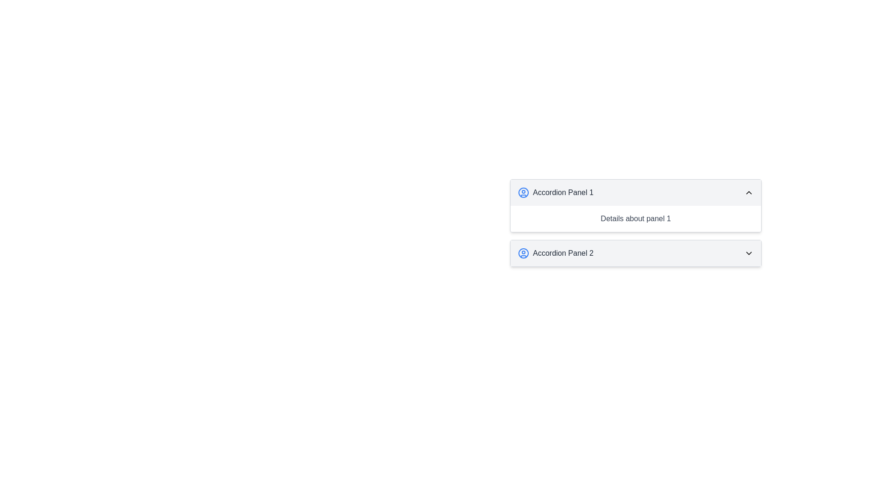  Describe the element at coordinates (635, 219) in the screenshot. I see `the static text label displaying 'Details about panel 1', which is centered within the light gray box of 'Accordion Panel 1'` at that location.